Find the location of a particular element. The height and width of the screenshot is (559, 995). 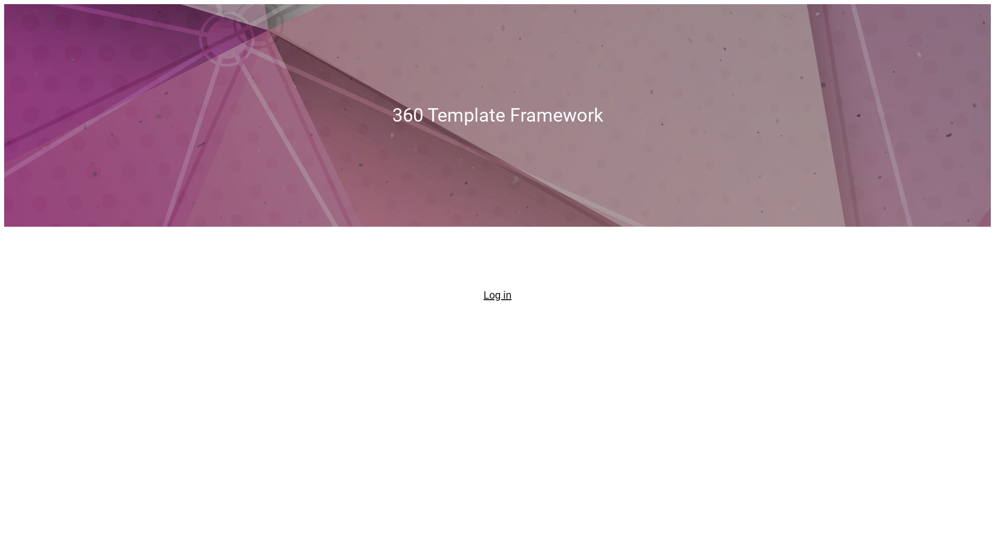

'Log in' is located at coordinates (497, 295).